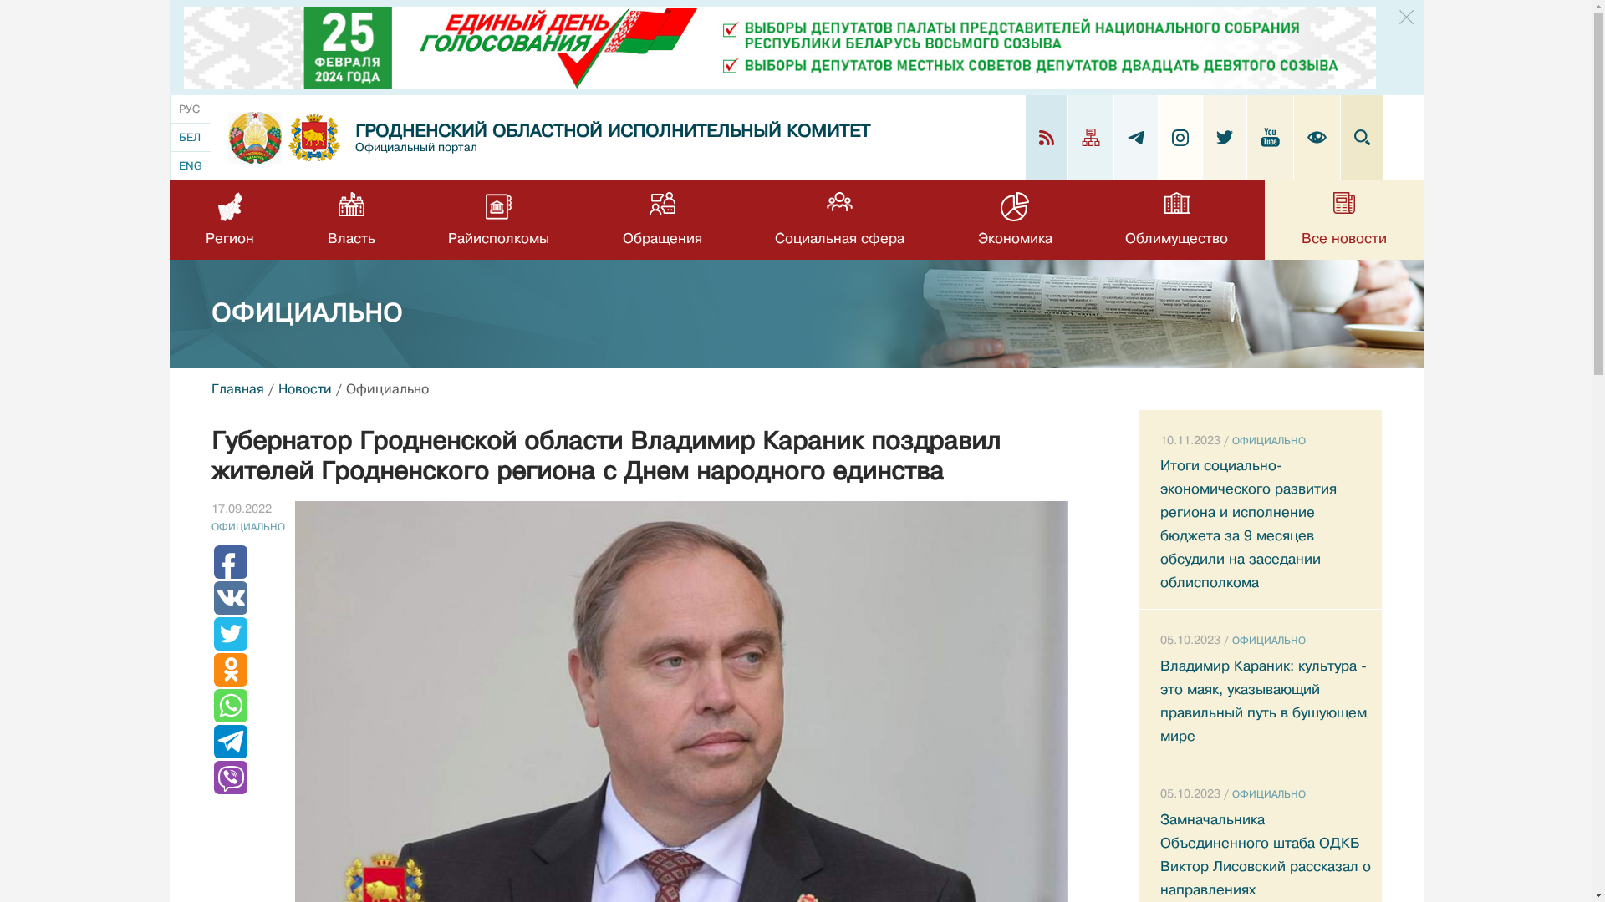 The image size is (1605, 902). What do you see at coordinates (1271, 136) in the screenshot?
I see `'Youtube'` at bounding box center [1271, 136].